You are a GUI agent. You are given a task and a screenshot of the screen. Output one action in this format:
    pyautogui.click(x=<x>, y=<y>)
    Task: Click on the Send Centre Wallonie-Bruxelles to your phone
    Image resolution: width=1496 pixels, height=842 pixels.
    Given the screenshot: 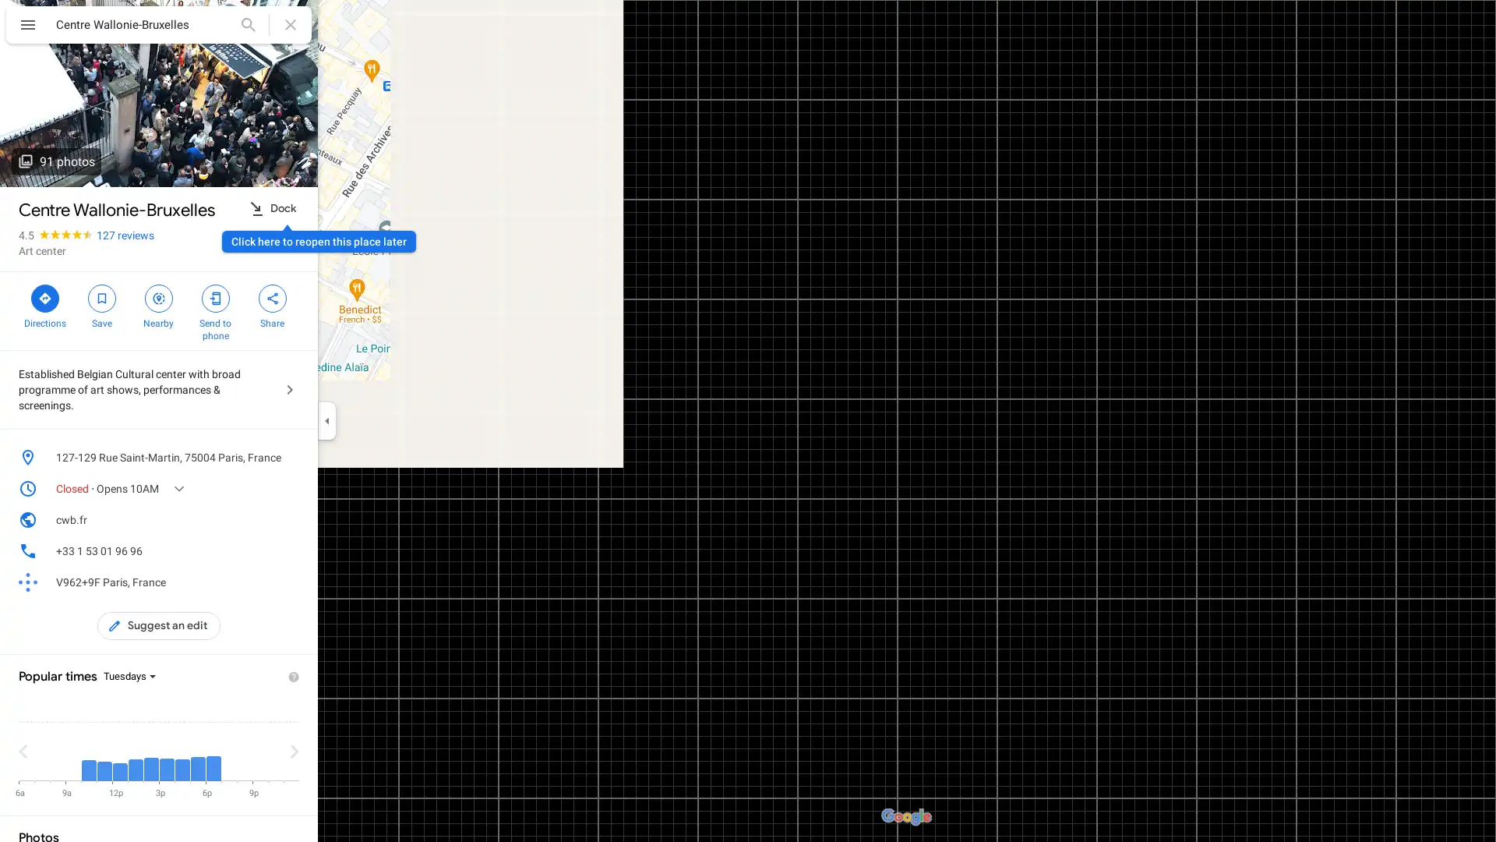 What is the action you would take?
    pyautogui.click(x=214, y=310)
    